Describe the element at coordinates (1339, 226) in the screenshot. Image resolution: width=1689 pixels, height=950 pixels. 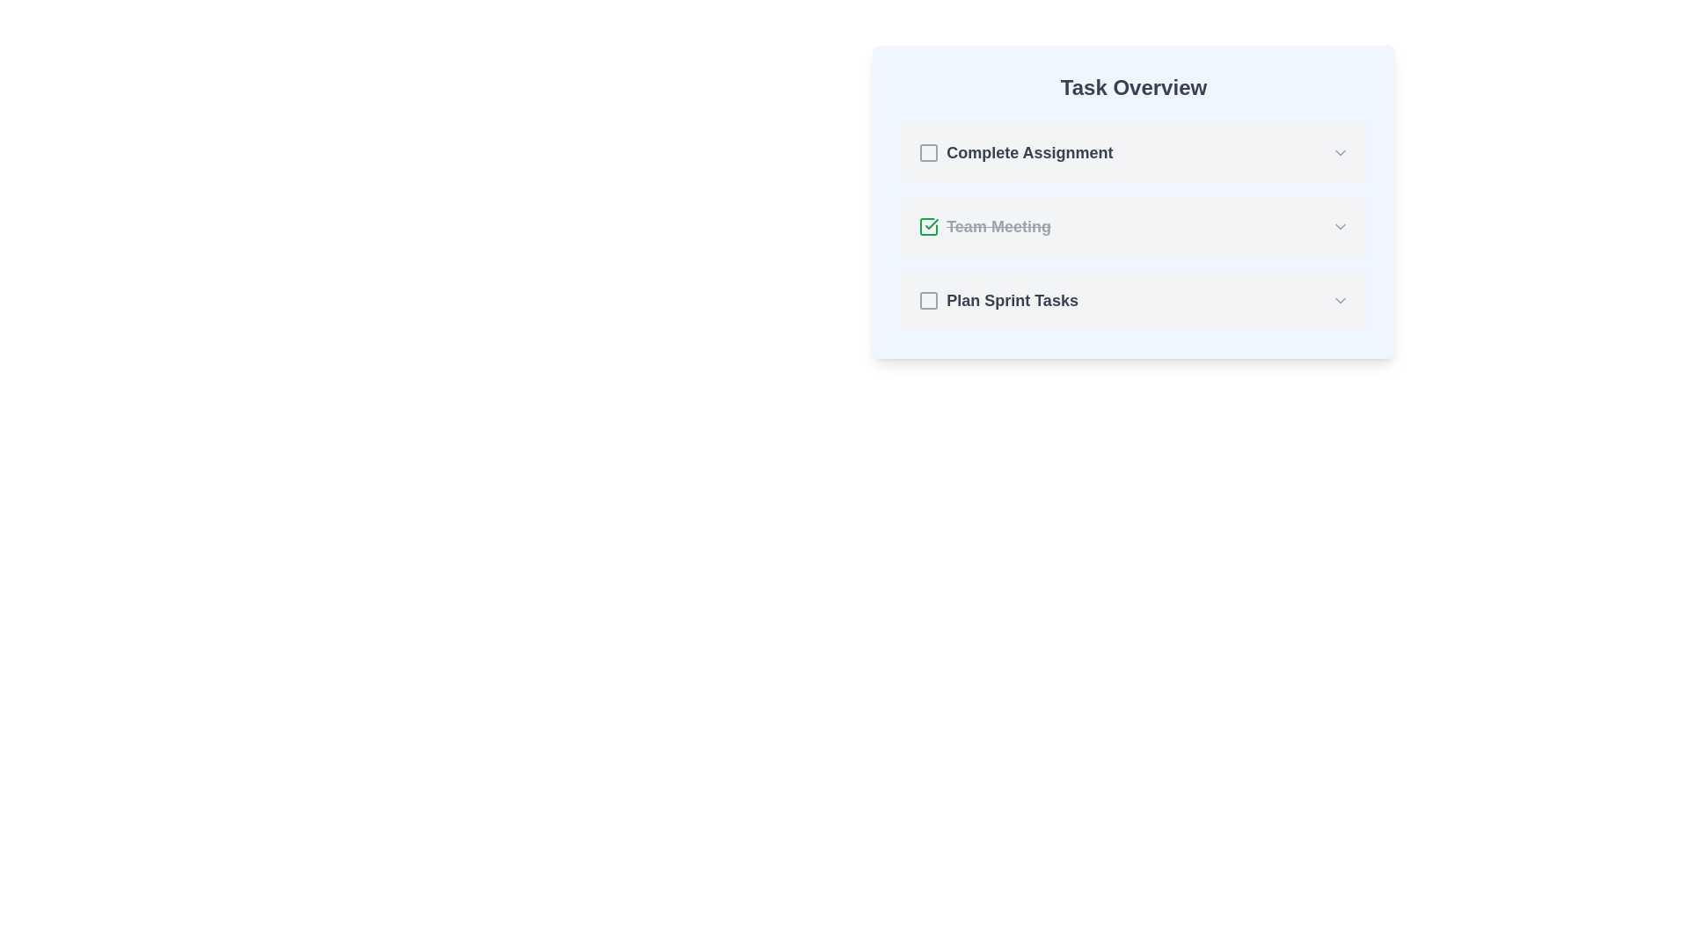
I see `the gray downward-facing chevron icon` at that location.